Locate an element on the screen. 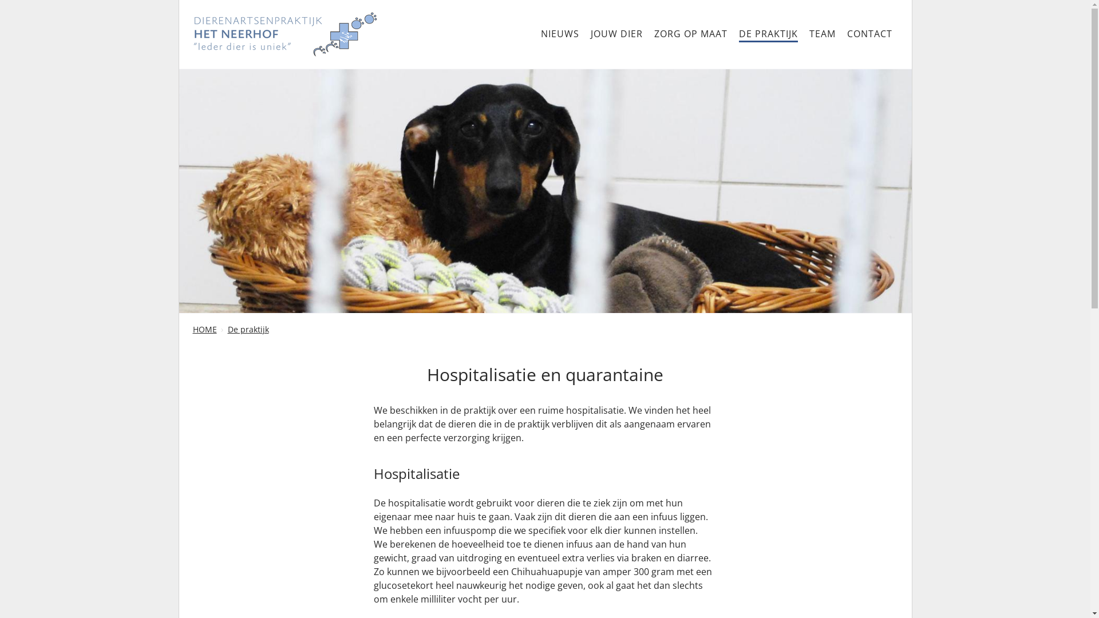 The height and width of the screenshot is (618, 1099). 'TEAM' is located at coordinates (809, 33).